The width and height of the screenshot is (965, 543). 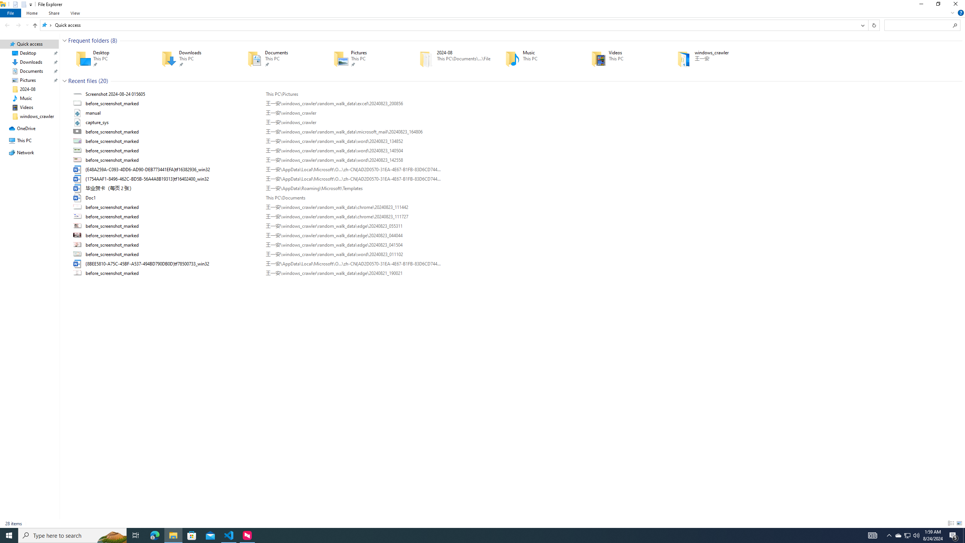 What do you see at coordinates (960, 12) in the screenshot?
I see `'Help'` at bounding box center [960, 12].